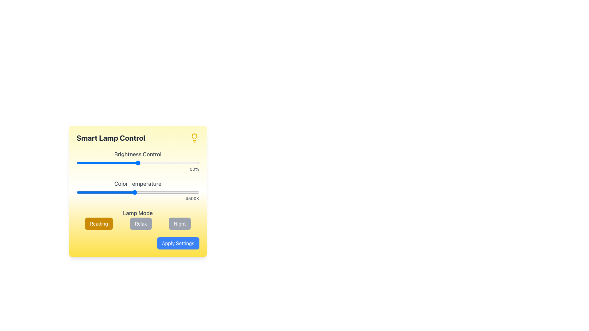  I want to click on the color temperature, so click(135, 192).